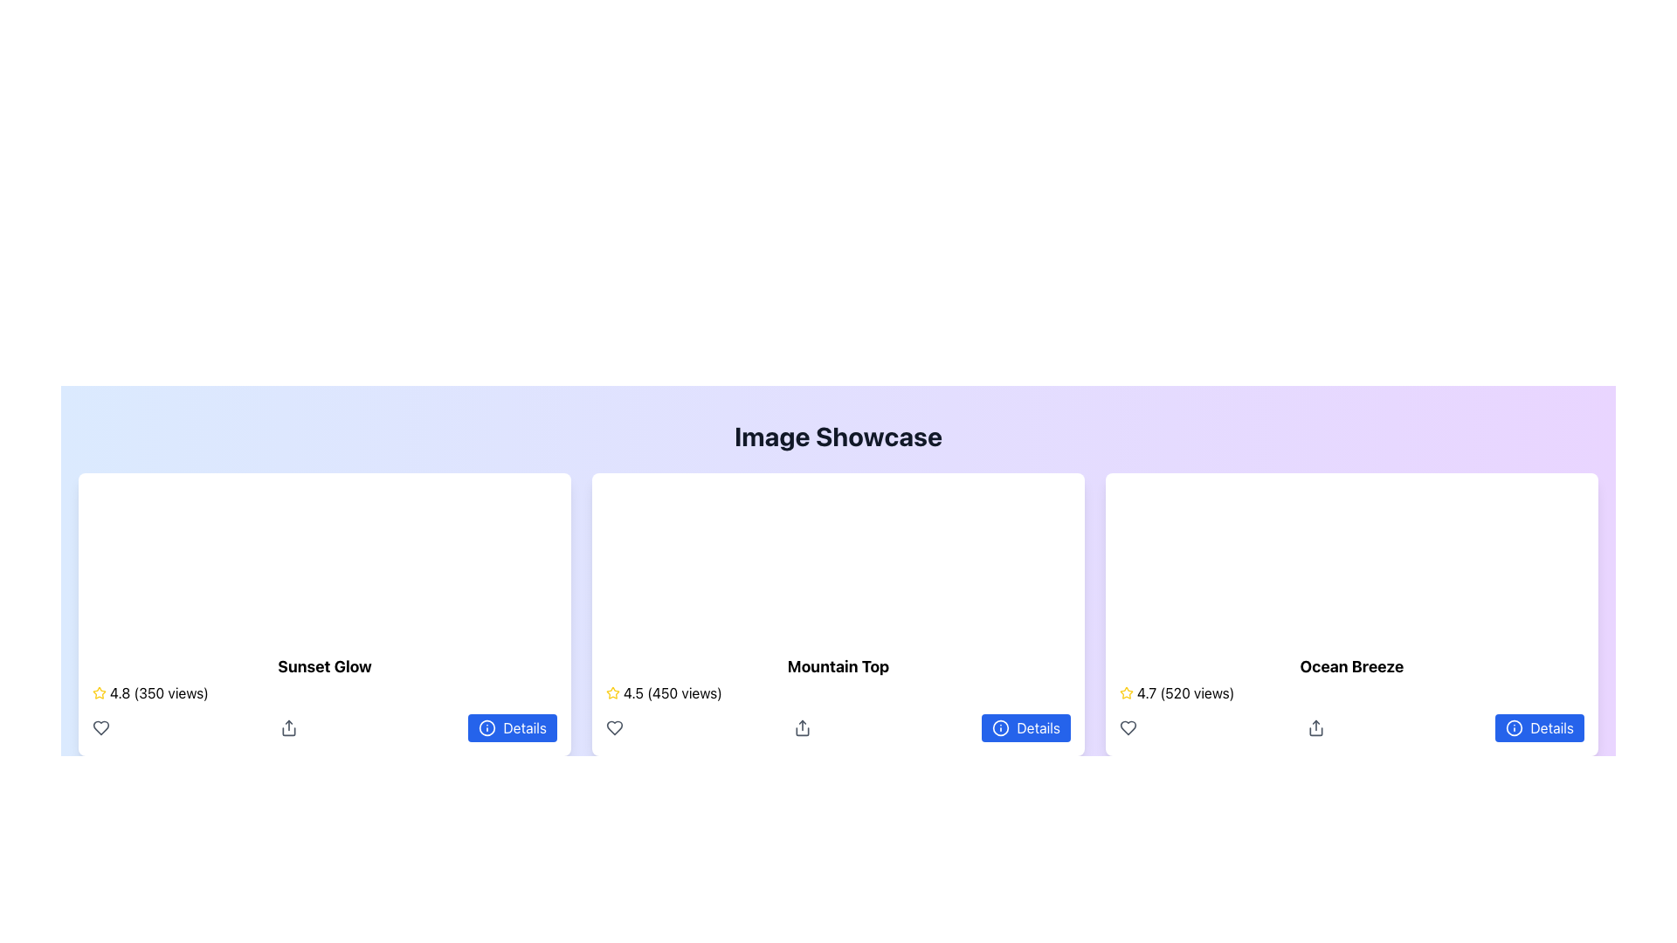  What do you see at coordinates (100, 727) in the screenshot?
I see `the heart icon located at the bottom-left corner of the leftmost card, under the rating text '4.8 (350 views)'` at bounding box center [100, 727].